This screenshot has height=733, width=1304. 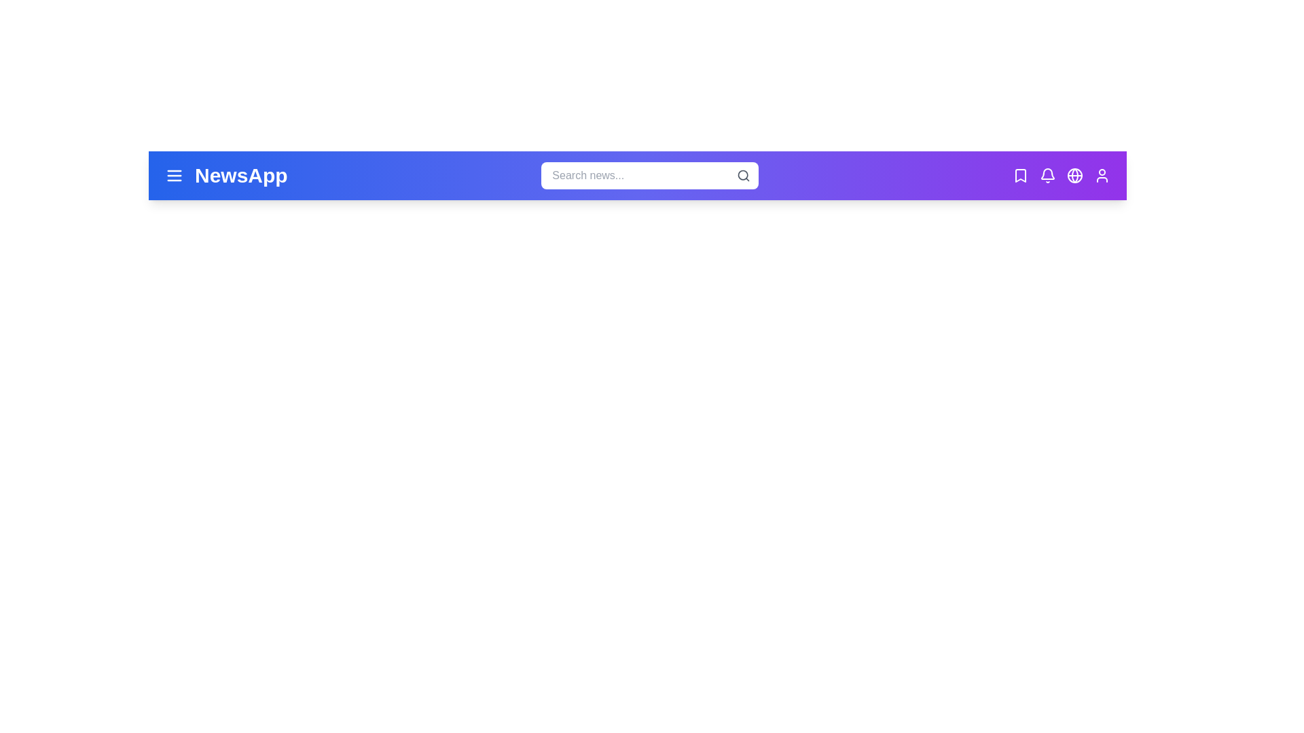 What do you see at coordinates (174, 174) in the screenshot?
I see `the menu icon to open the menu` at bounding box center [174, 174].